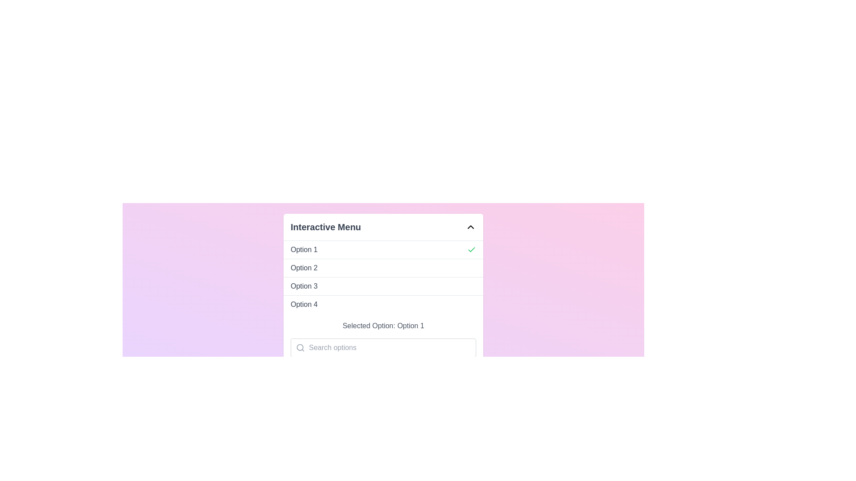 The image size is (856, 481). What do you see at coordinates (300, 347) in the screenshot?
I see `the search icon located in the left corner of the search bar component to initiate the search` at bounding box center [300, 347].